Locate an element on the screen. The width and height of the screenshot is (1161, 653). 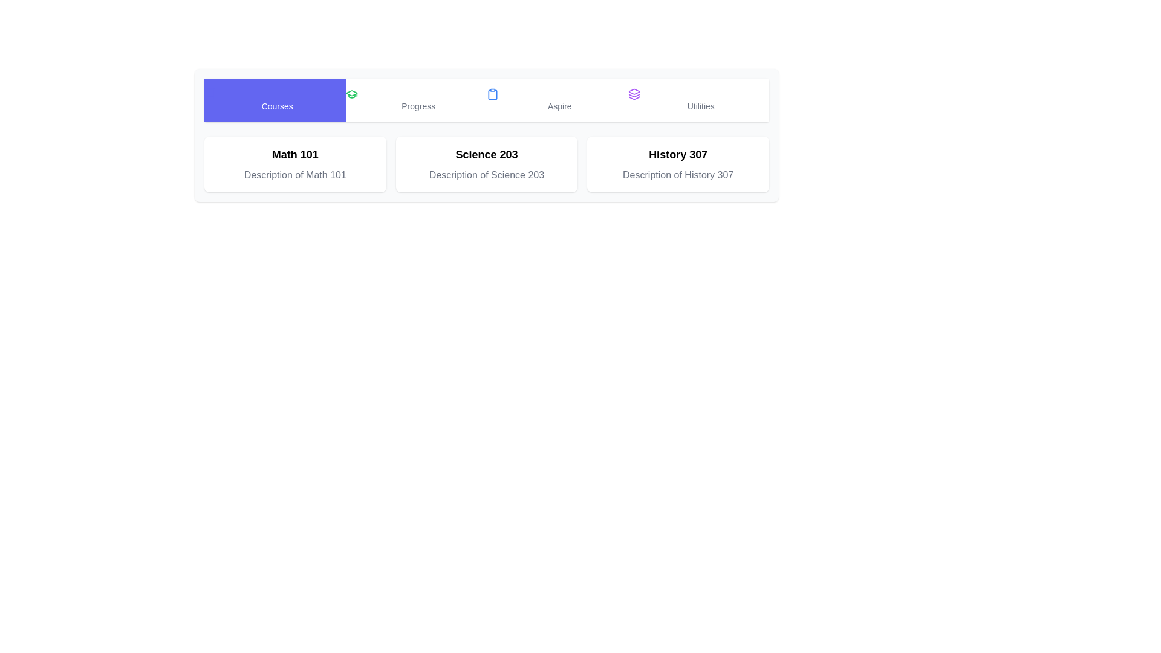
the 'Progress' text label in the navigation bar, which is located after the graduation cap icon and before another navigation icon is located at coordinates (418, 106).